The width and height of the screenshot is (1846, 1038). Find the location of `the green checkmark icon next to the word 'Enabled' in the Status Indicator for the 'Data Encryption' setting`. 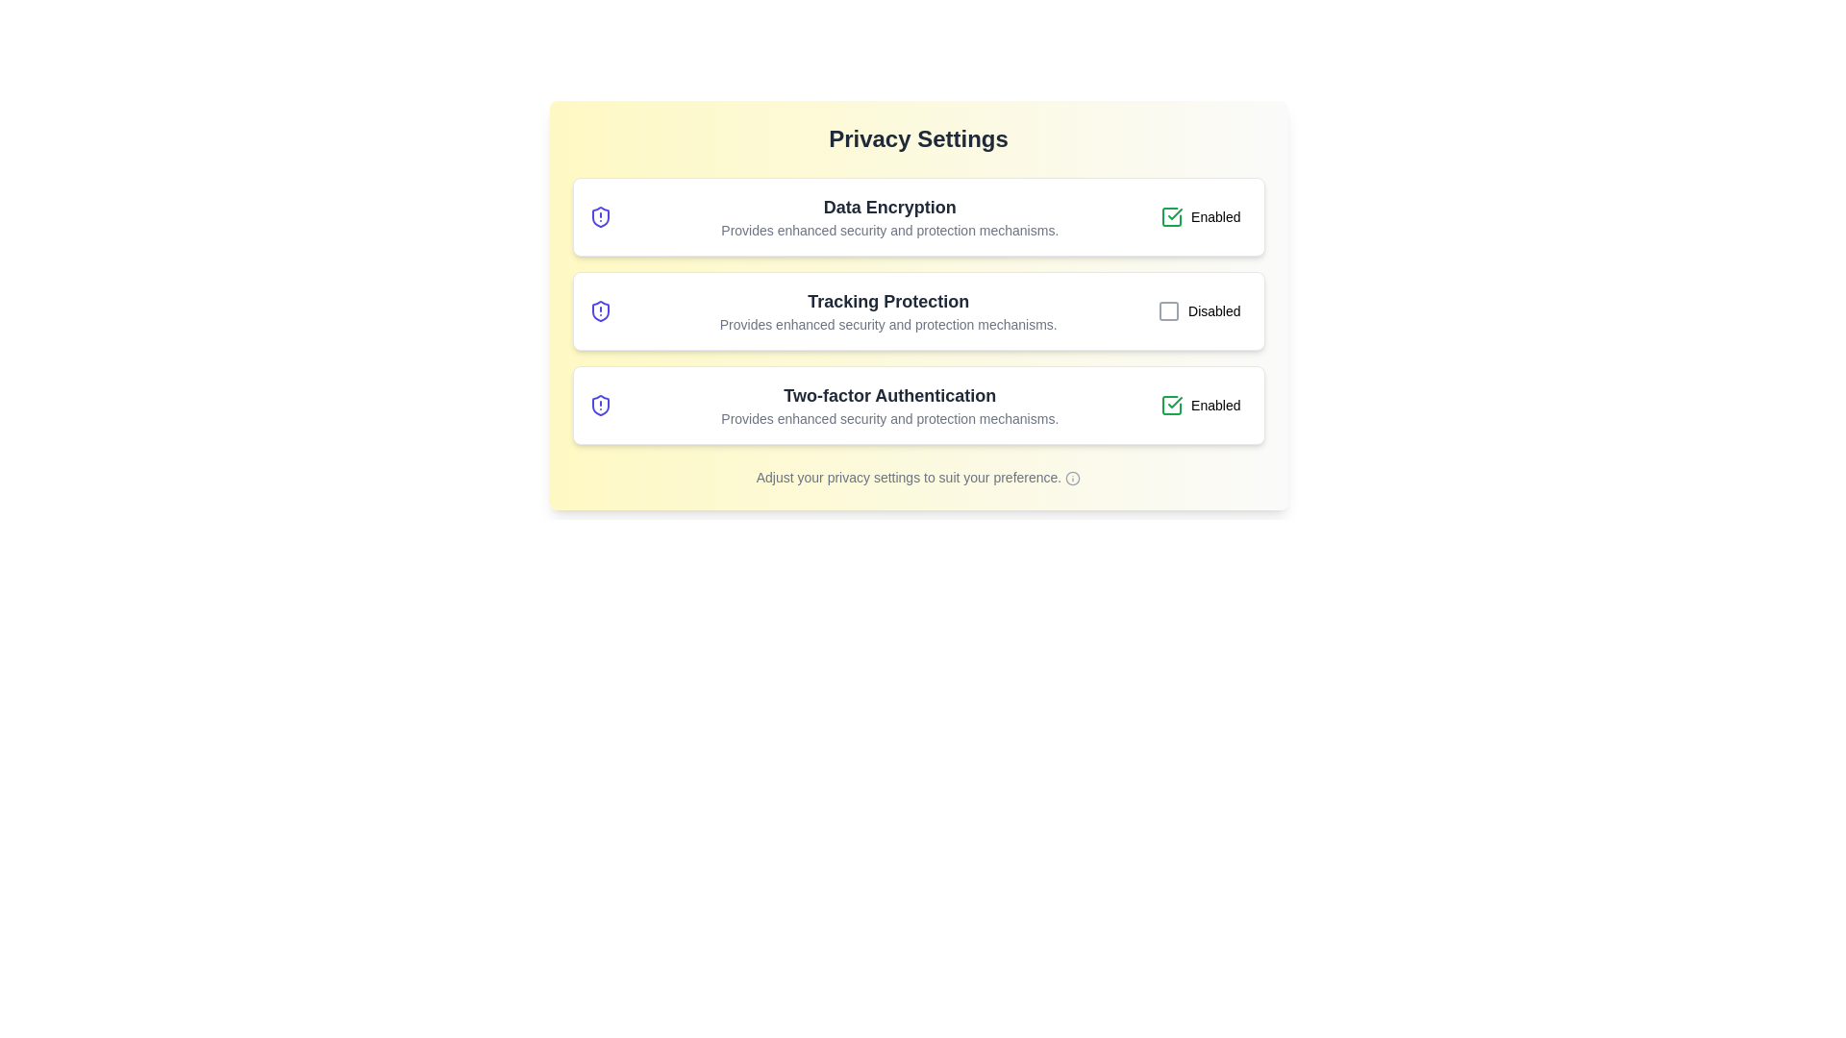

the green checkmark icon next to the word 'Enabled' in the Status Indicator for the 'Data Encryption' setting is located at coordinates (1199, 216).